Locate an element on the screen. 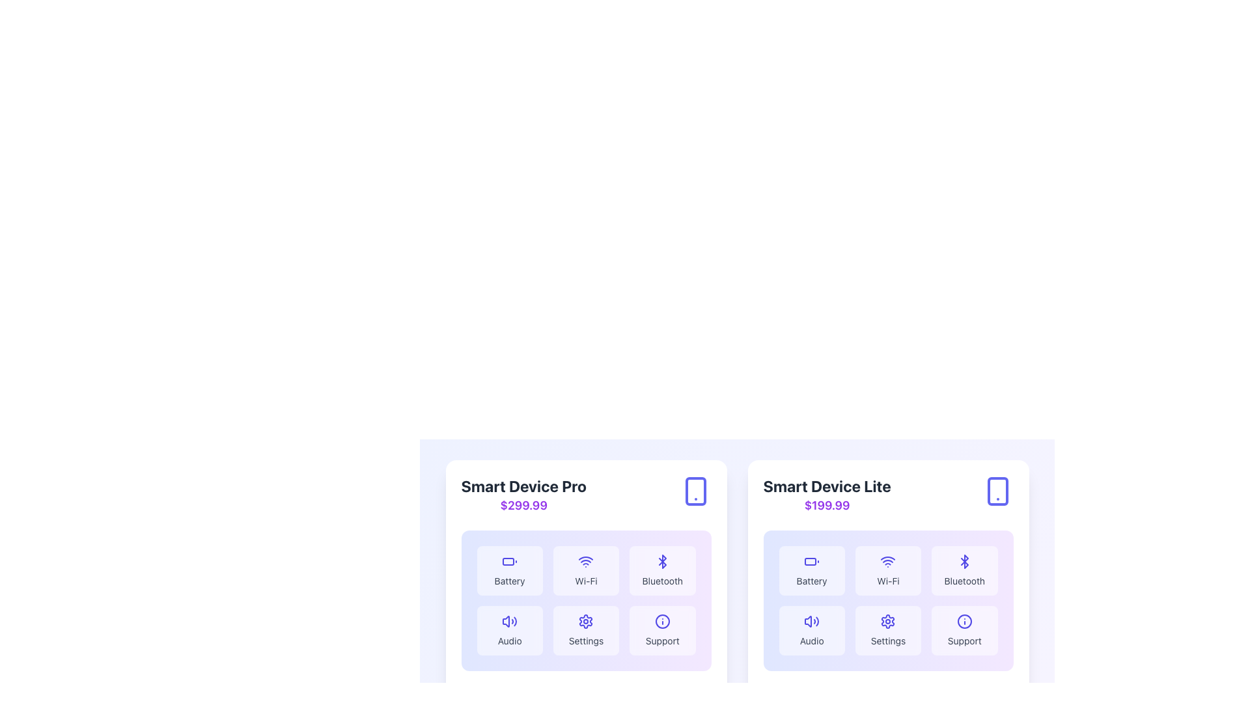 The height and width of the screenshot is (703, 1250). the 'Settings' button, which is a rectangular card with a rounded border, featuring a blue gear icon at the top center and the text label 'Settings' in gray below it, located in the second row, second column of the grid layout is located at coordinates (887, 629).